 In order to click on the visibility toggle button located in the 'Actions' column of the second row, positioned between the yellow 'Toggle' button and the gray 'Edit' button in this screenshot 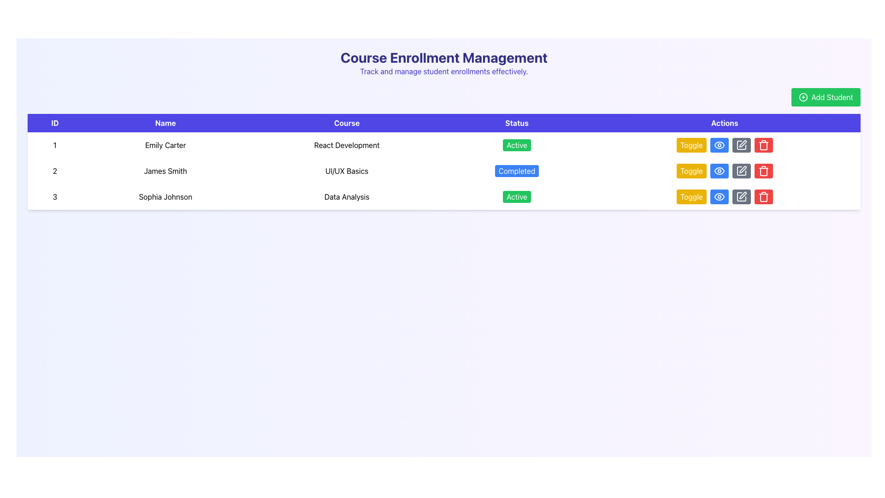, I will do `click(719, 171)`.